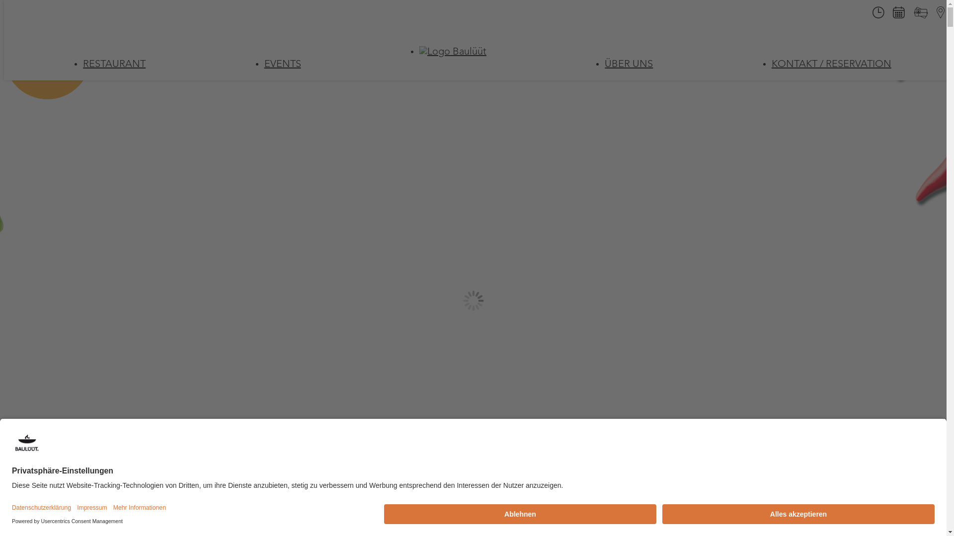 The image size is (954, 536). What do you see at coordinates (831, 65) in the screenshot?
I see `'KONTAKT / RESERVATION'` at bounding box center [831, 65].